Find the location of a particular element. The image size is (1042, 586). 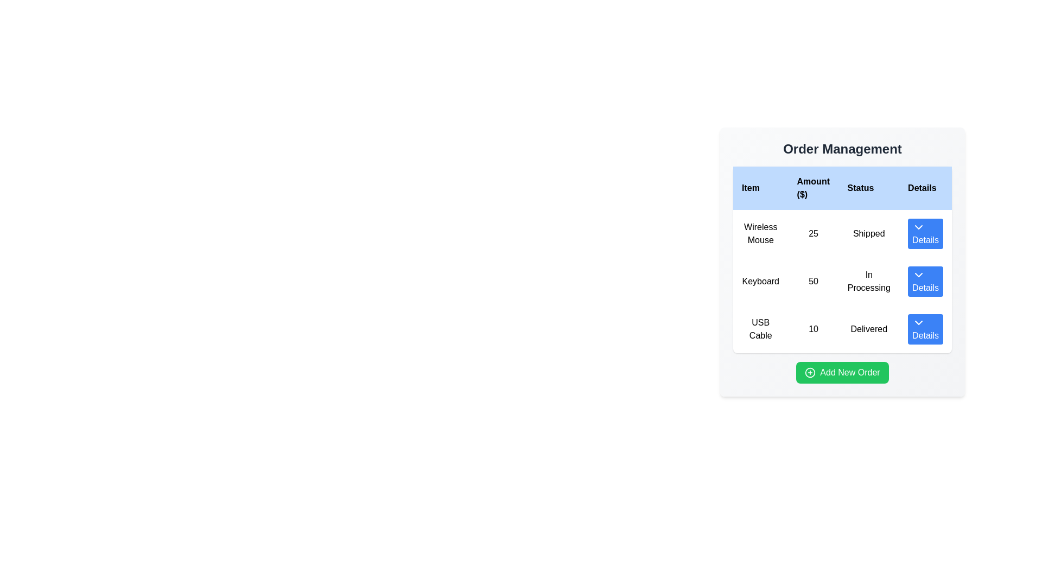

the Text label displaying the numerical value '50' in black text, located in the second row of the table under the 'Amount ($)' column, between 'Keyboard' and 'In Processing' is located at coordinates (813, 281).